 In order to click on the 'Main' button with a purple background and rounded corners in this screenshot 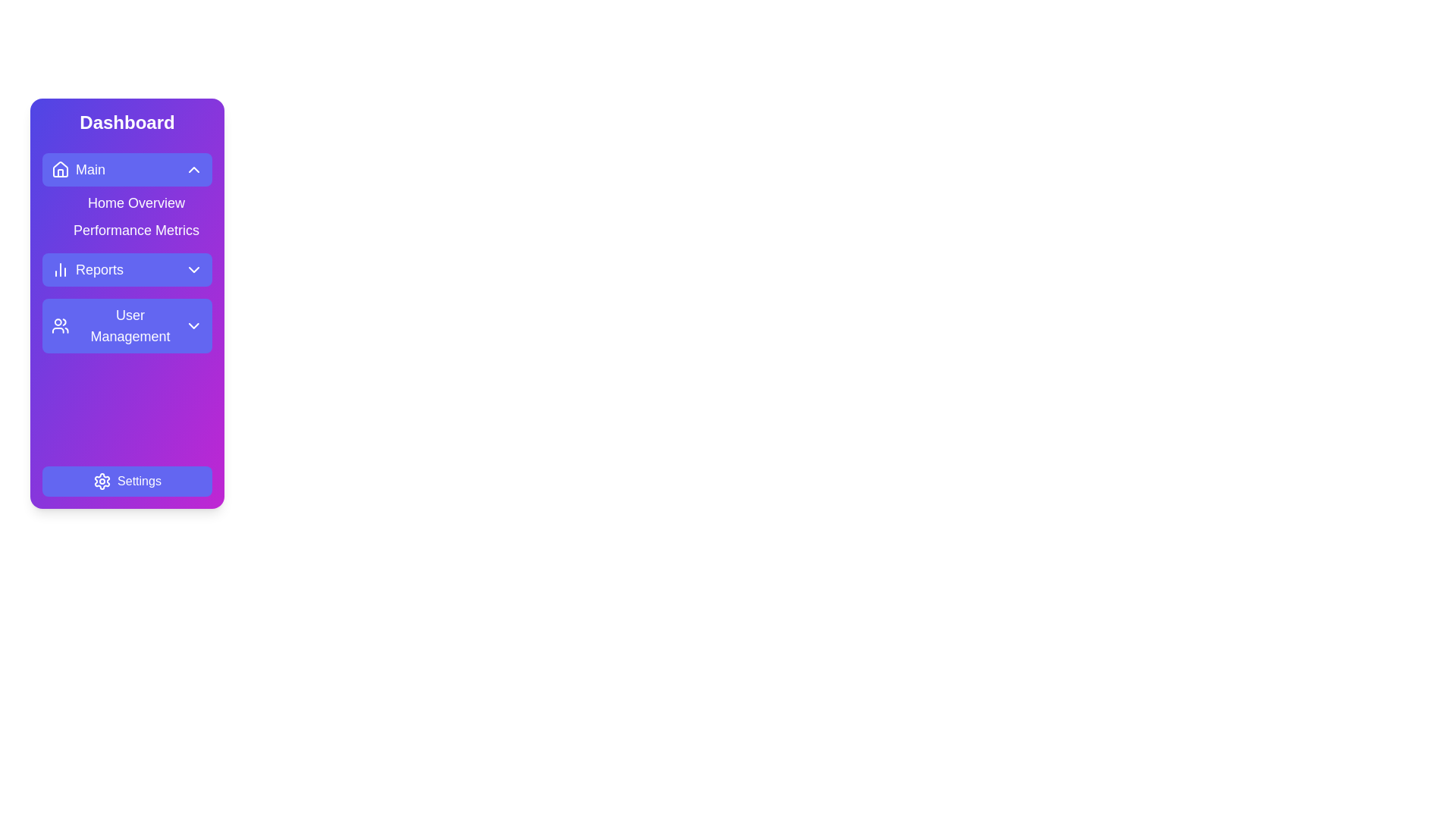, I will do `click(127, 169)`.